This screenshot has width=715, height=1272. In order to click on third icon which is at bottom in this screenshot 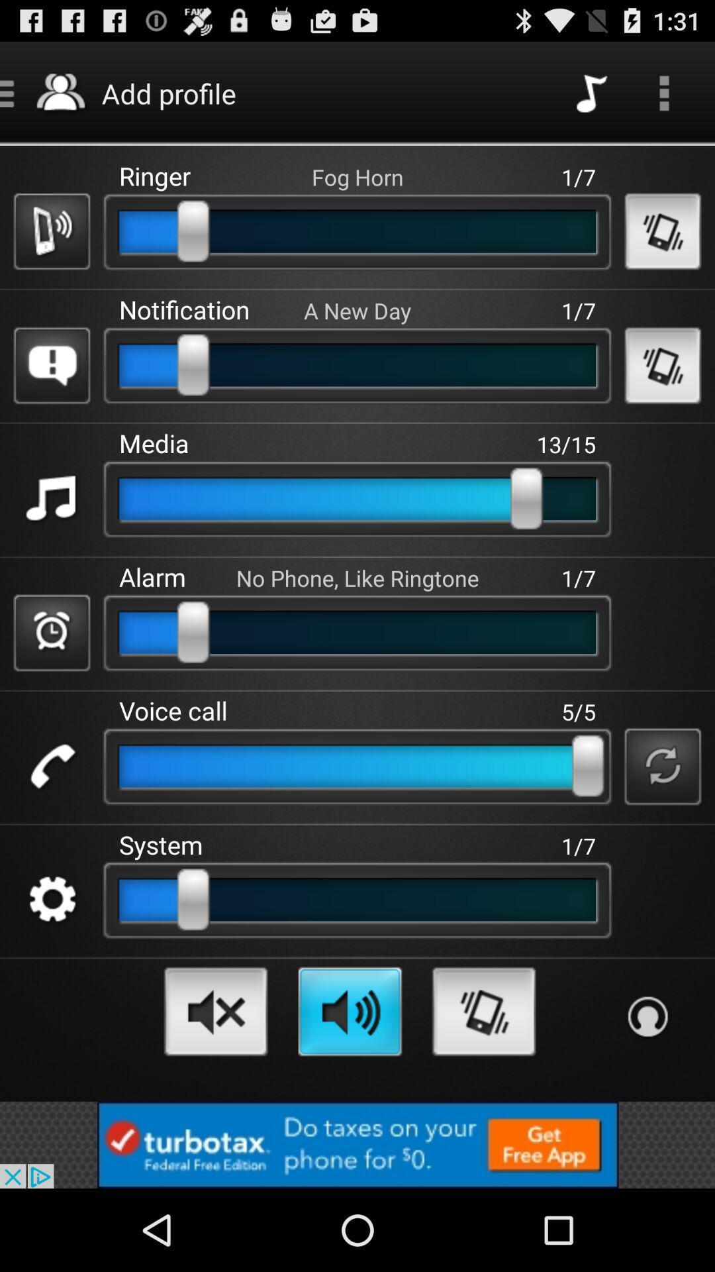, I will do `click(484, 1011)`.